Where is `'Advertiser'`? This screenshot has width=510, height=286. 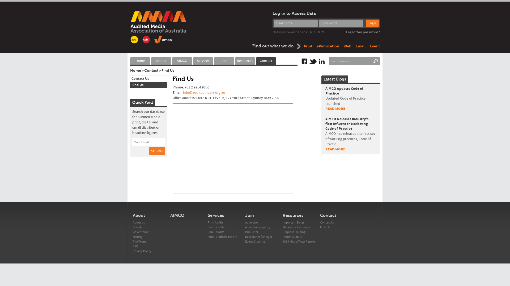 'Advertiser' is located at coordinates (252, 222).